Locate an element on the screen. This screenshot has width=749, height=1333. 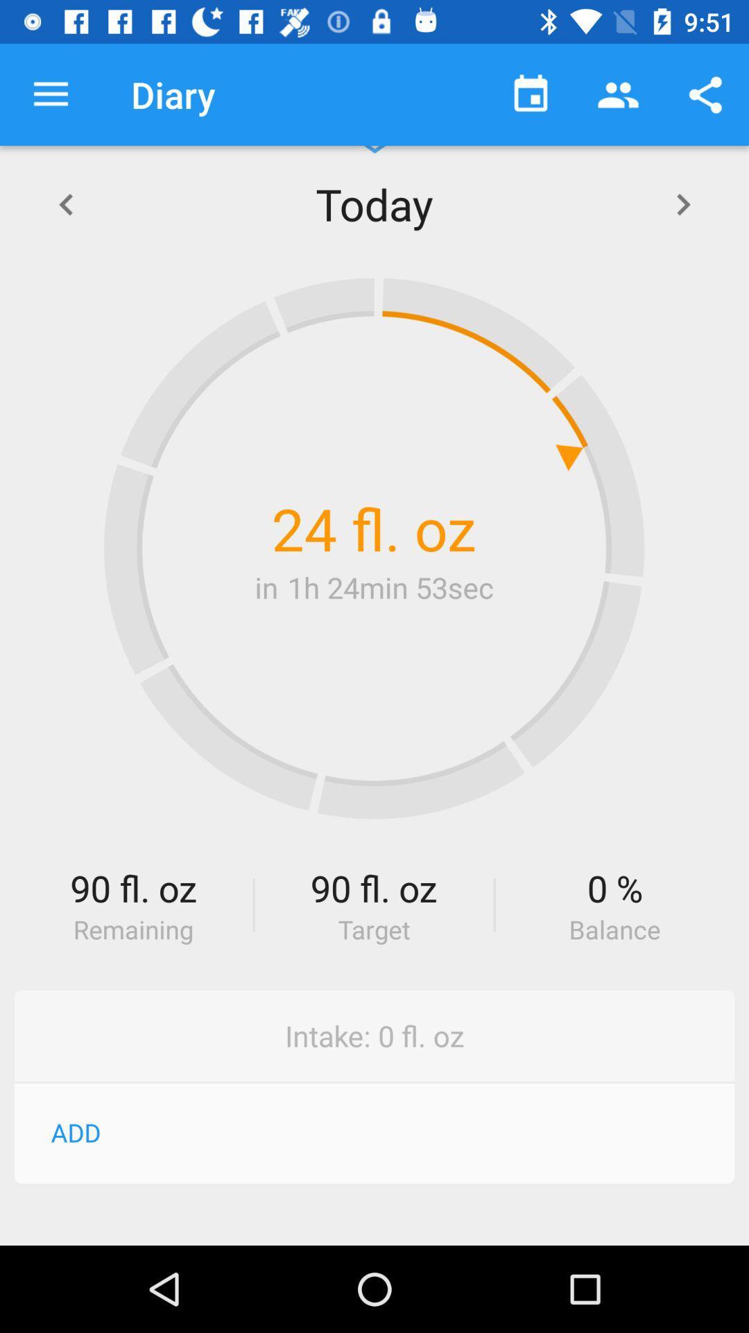
the intake 0 fl icon is located at coordinates (374, 1036).